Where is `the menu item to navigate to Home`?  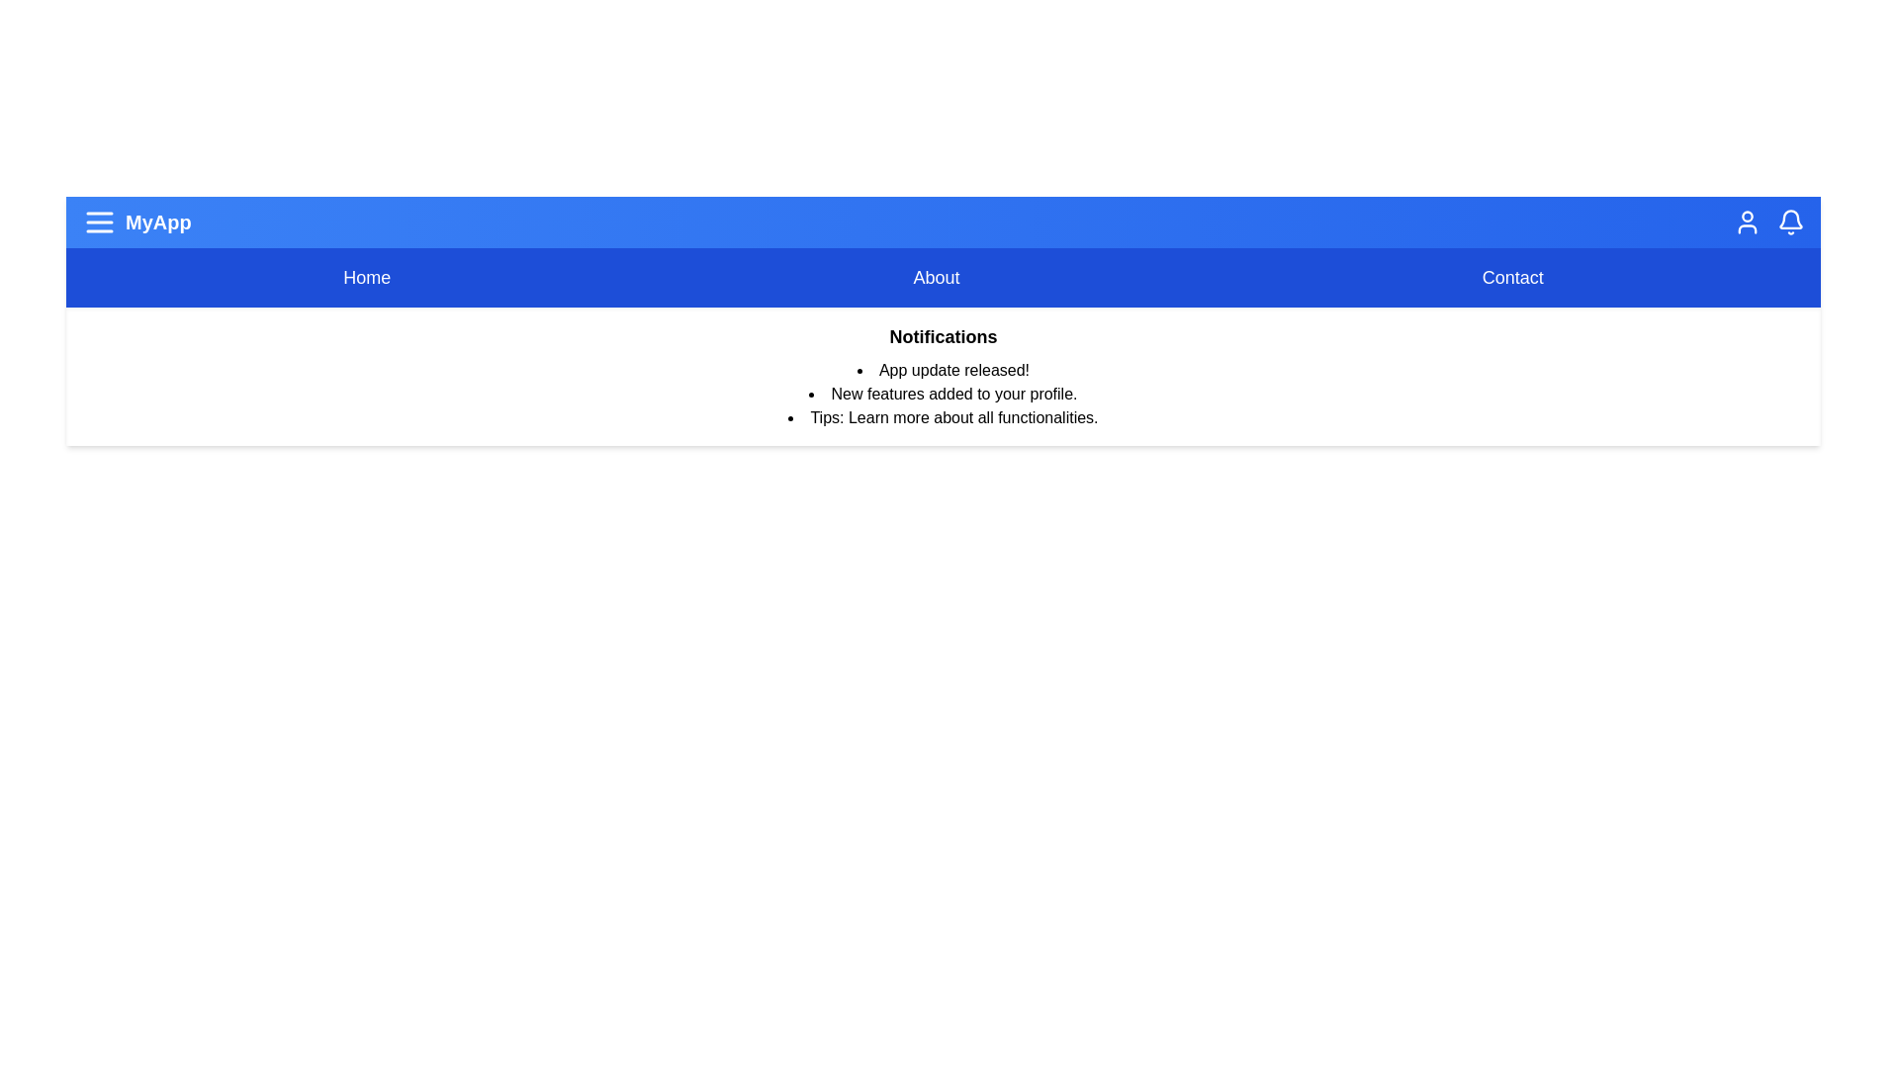
the menu item to navigate to Home is located at coordinates (366, 278).